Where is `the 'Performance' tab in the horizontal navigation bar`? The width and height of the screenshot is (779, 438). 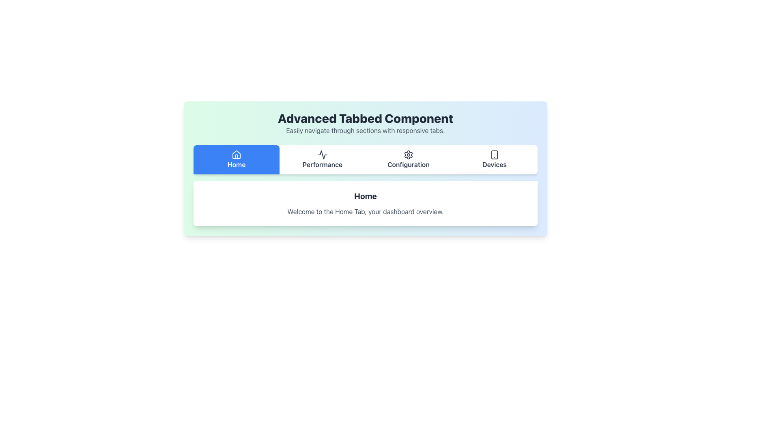
the 'Performance' tab in the horizontal navigation bar is located at coordinates (322, 159).